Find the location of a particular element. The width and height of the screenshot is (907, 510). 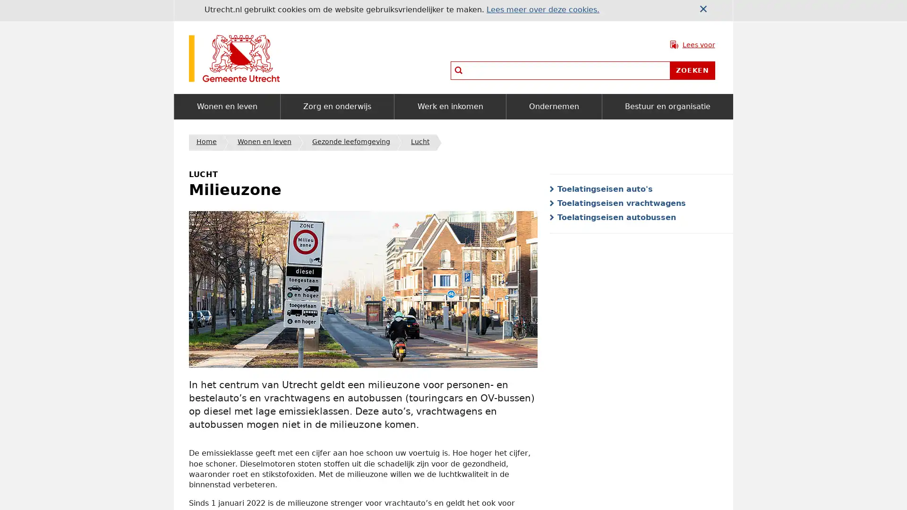

Lees voor is located at coordinates (692, 45).